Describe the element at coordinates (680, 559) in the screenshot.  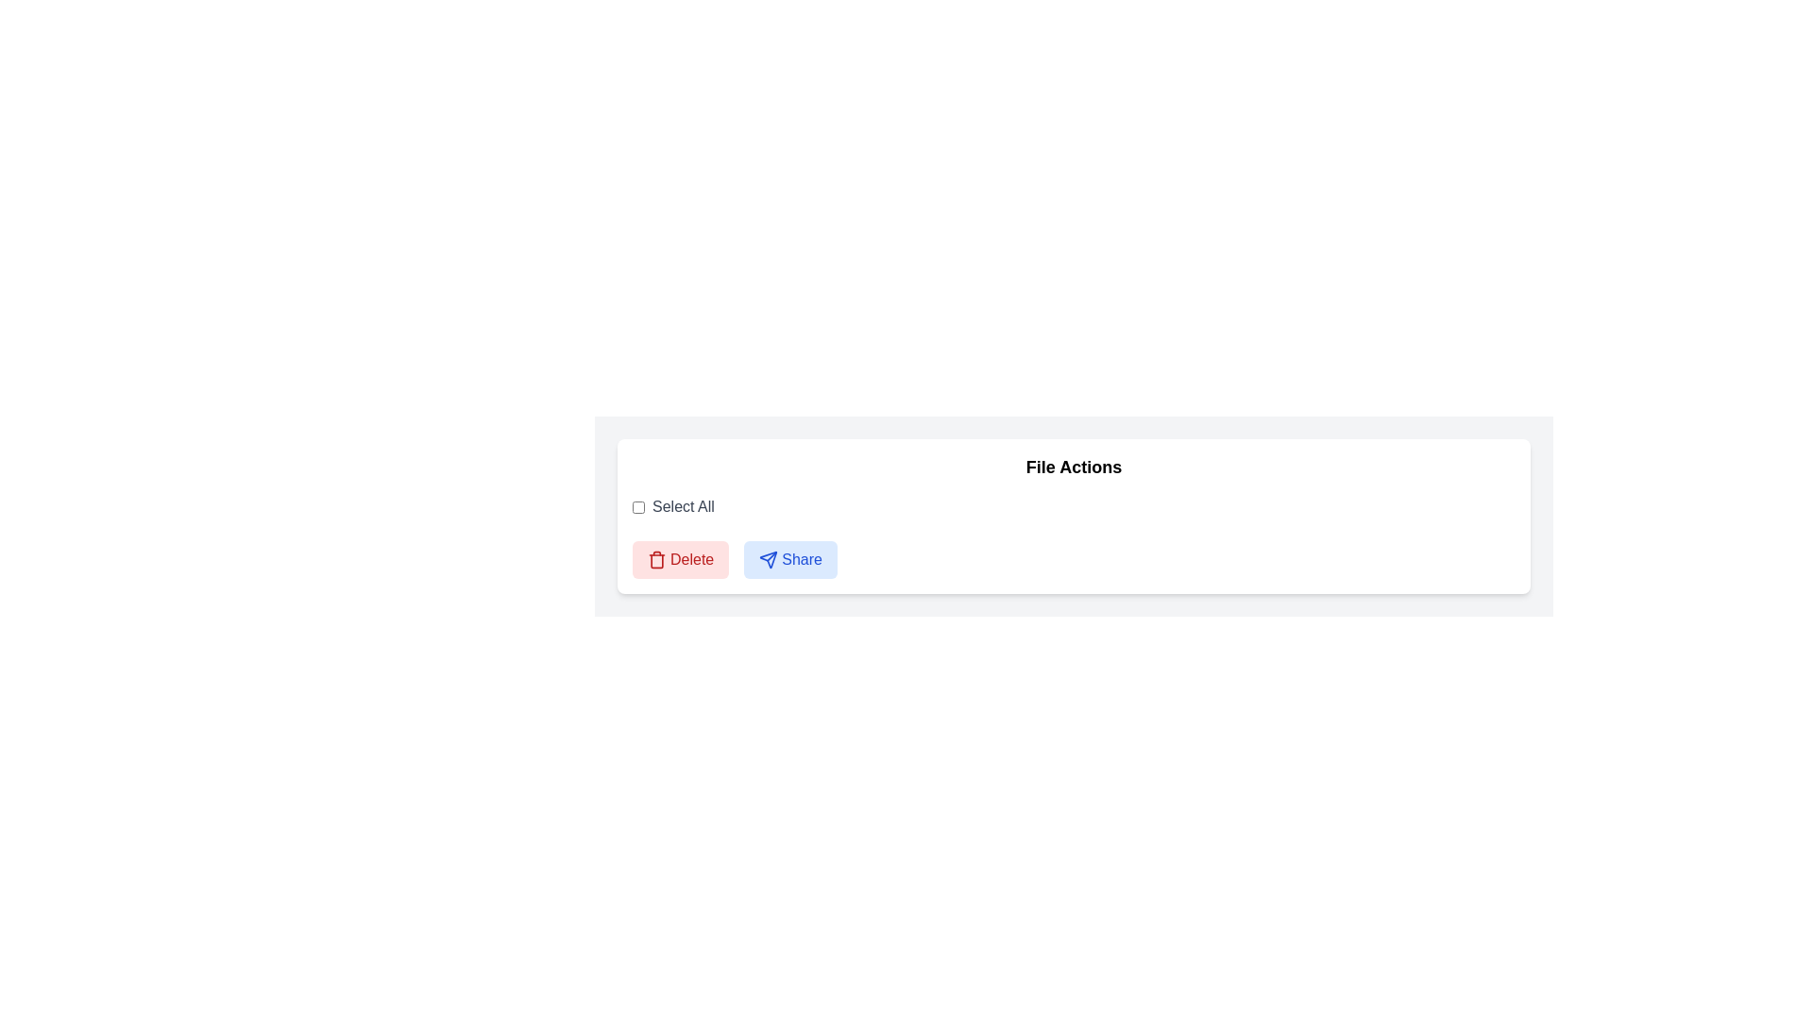
I see `the red 'Delete' button with a trash bin icon` at that location.